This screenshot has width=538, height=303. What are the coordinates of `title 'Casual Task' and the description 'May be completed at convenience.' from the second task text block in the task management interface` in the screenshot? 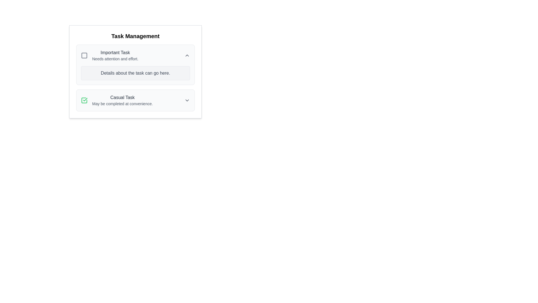 It's located at (122, 100).